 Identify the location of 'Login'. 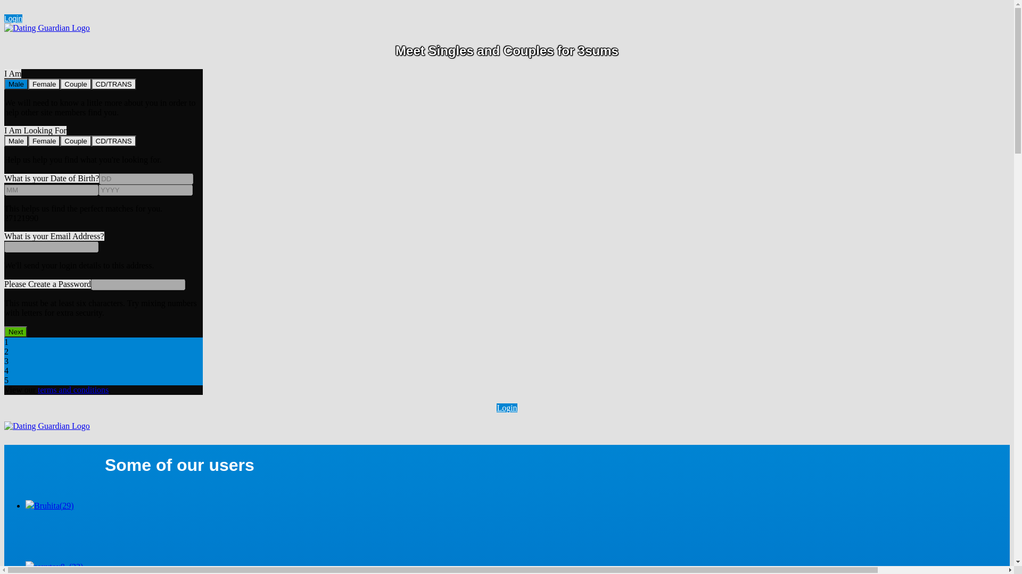
(506, 407).